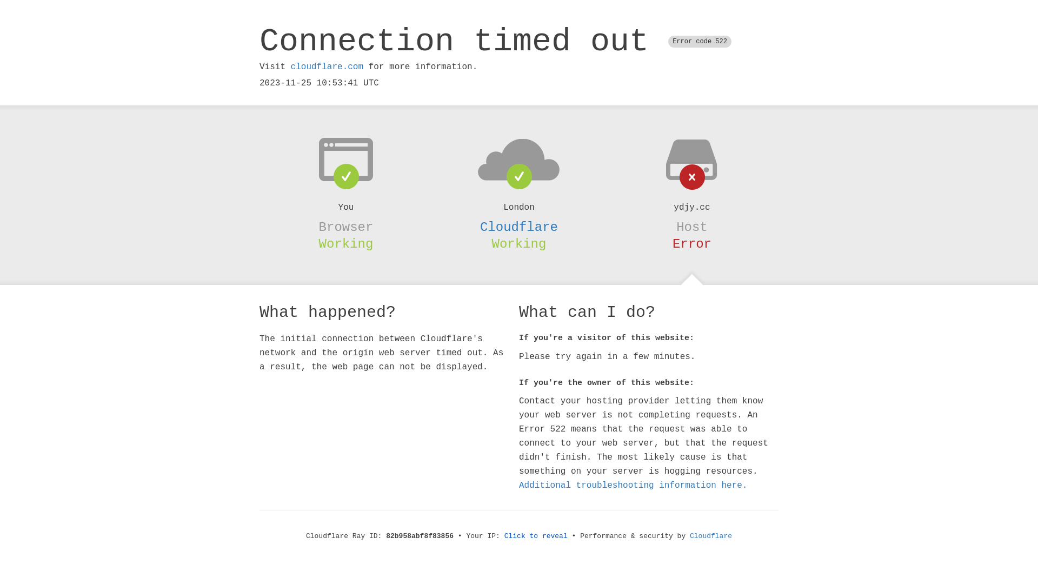 The height and width of the screenshot is (584, 1038). What do you see at coordinates (633, 485) in the screenshot?
I see `'Additional troubleshooting information here.'` at bounding box center [633, 485].